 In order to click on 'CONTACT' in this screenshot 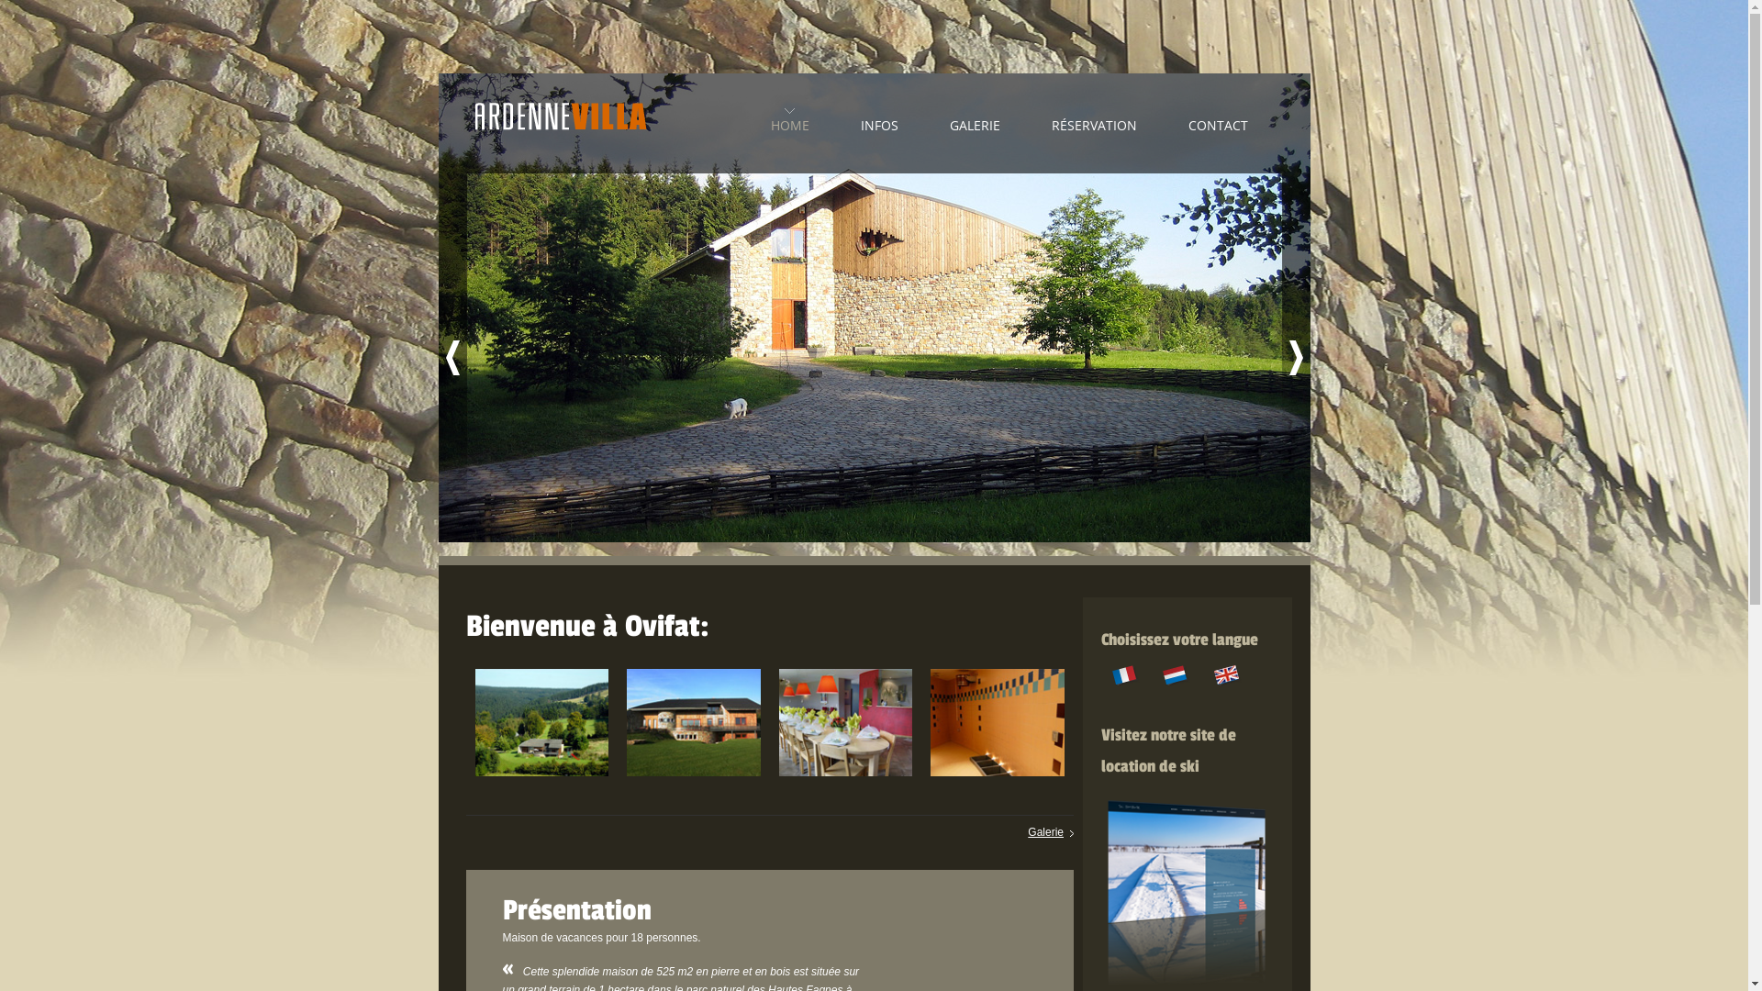, I will do `click(1217, 120)`.